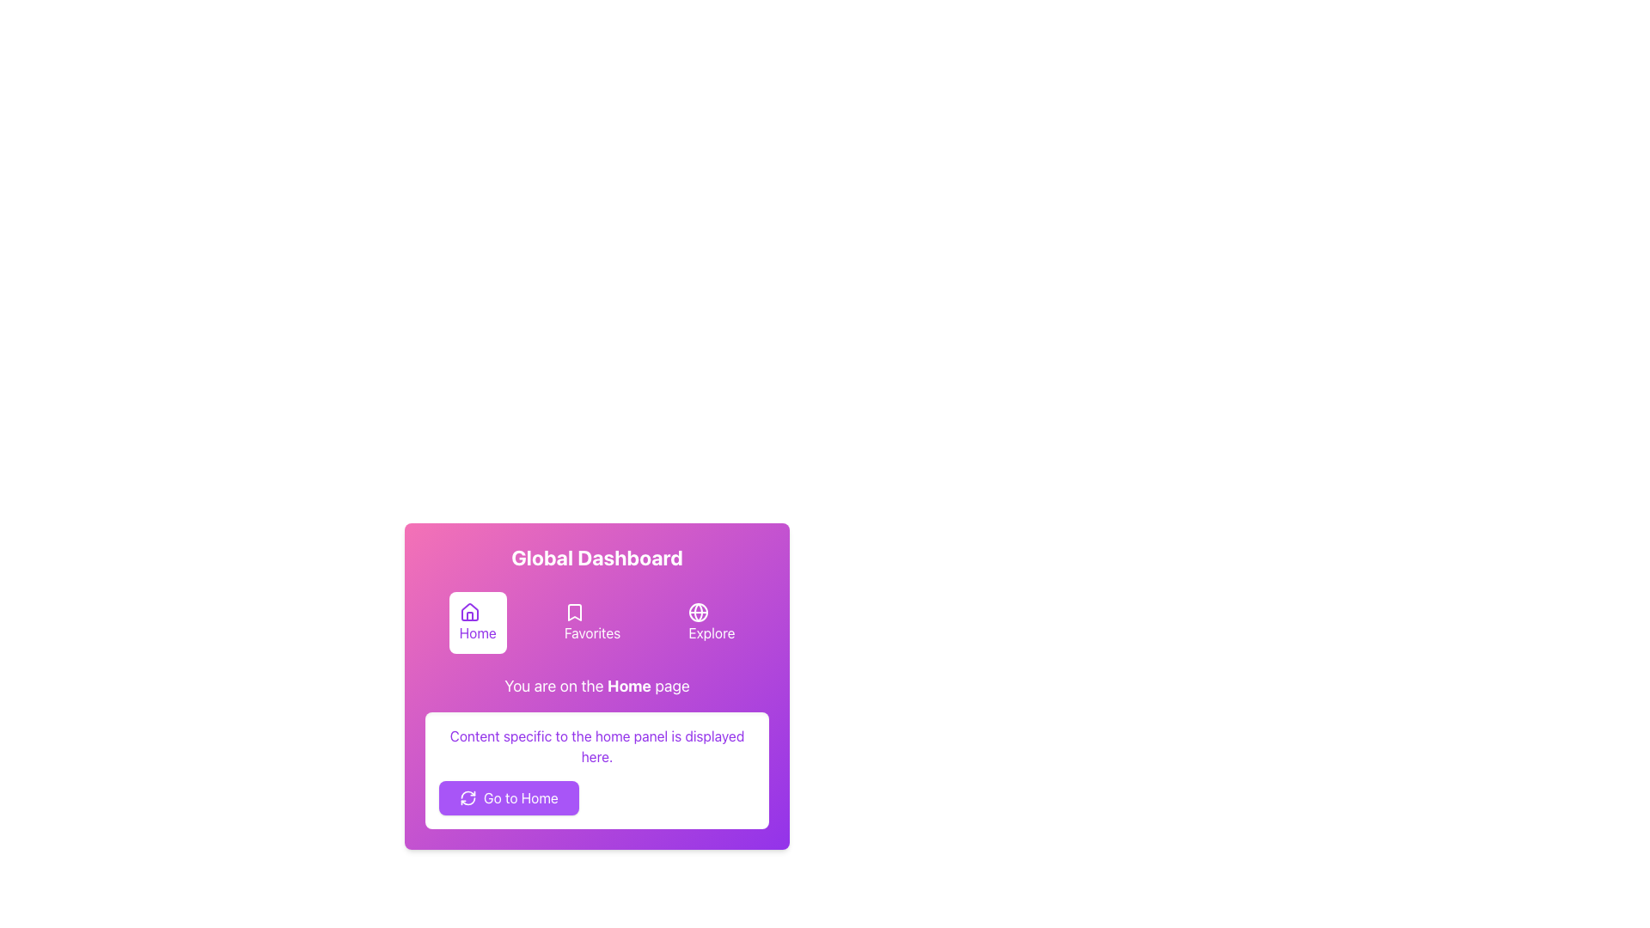 The height and width of the screenshot is (928, 1650). I want to click on the 'Favorites' button located in the navigation bar, which is the second button from the left, so click(592, 623).